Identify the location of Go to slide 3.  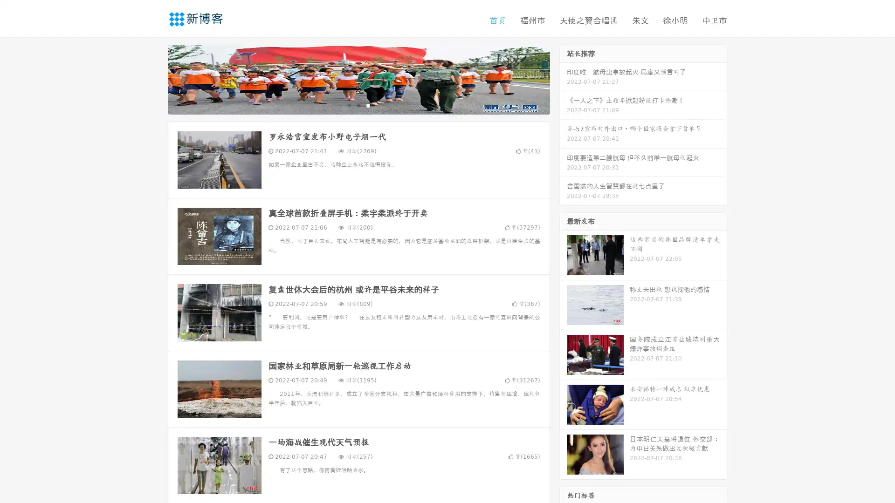
(368, 105).